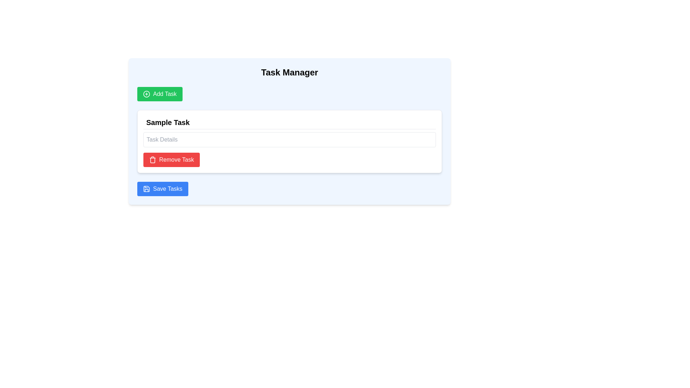  What do you see at coordinates (146, 94) in the screenshot?
I see `the decorative SVG icon representing the action of adding a task, located to the left of the text label inside the 'Add Task' button in the top-left corner of the application interface` at bounding box center [146, 94].